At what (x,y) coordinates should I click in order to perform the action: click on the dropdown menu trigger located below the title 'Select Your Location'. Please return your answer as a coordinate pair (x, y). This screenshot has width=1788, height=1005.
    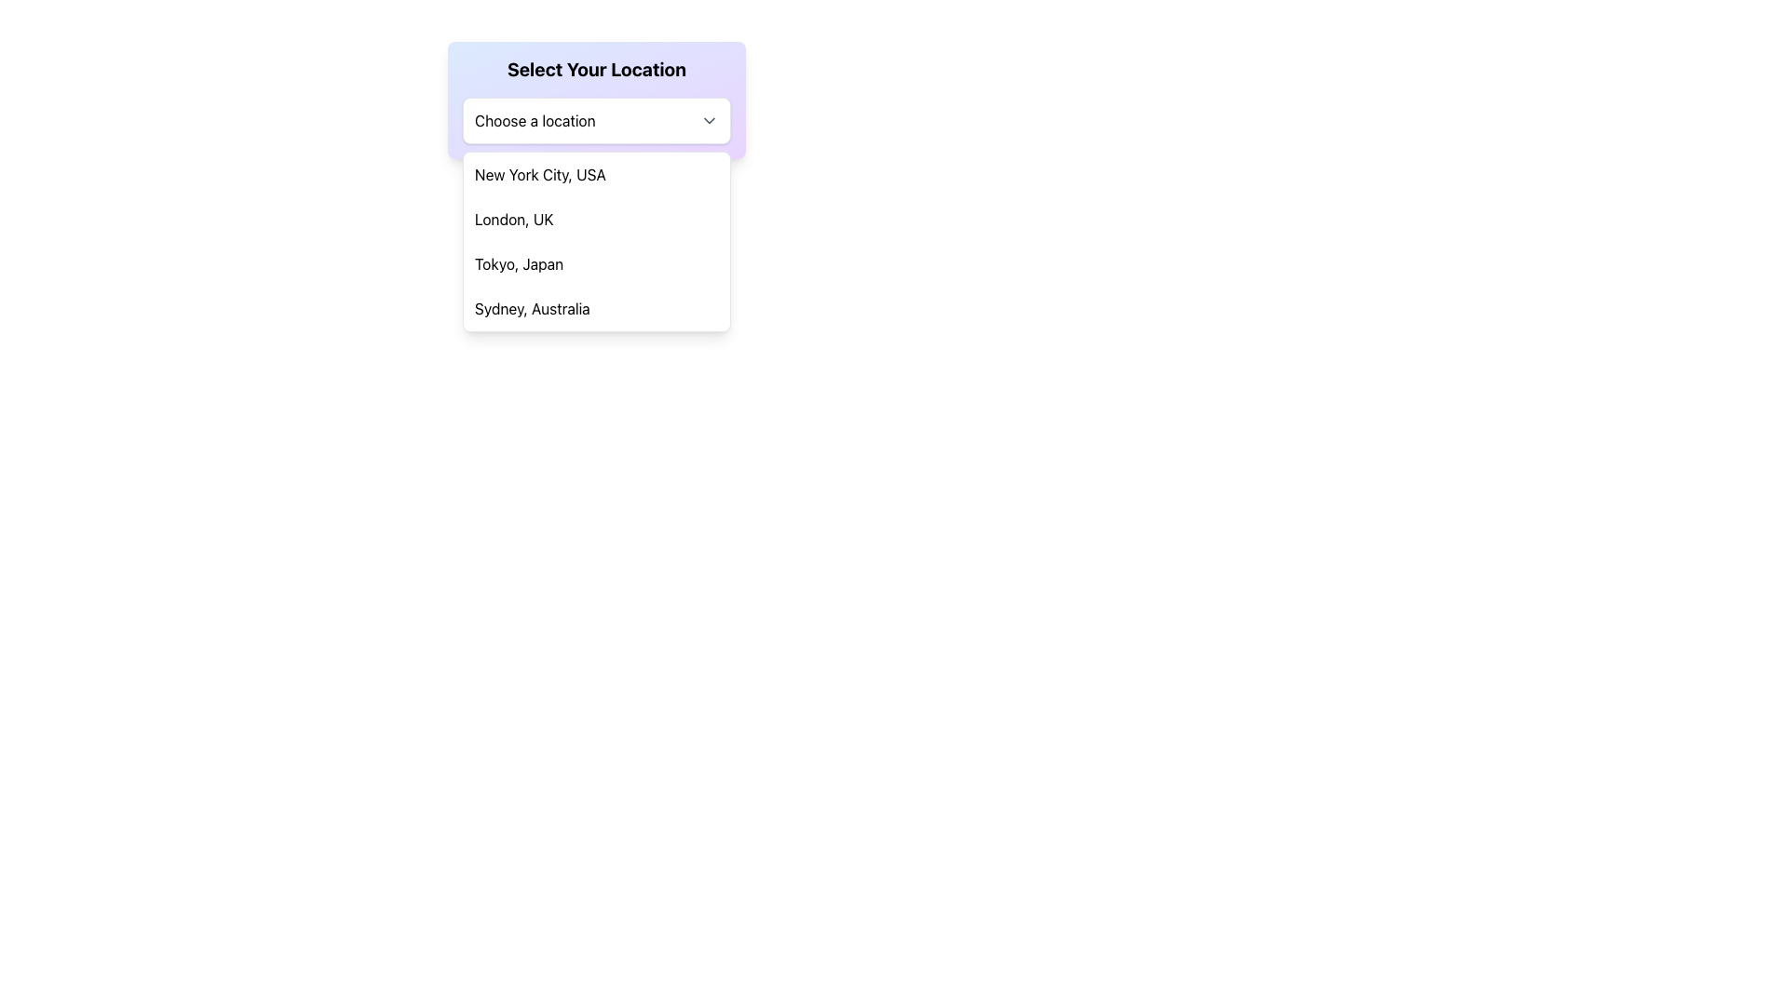
    Looking at the image, I should click on (597, 121).